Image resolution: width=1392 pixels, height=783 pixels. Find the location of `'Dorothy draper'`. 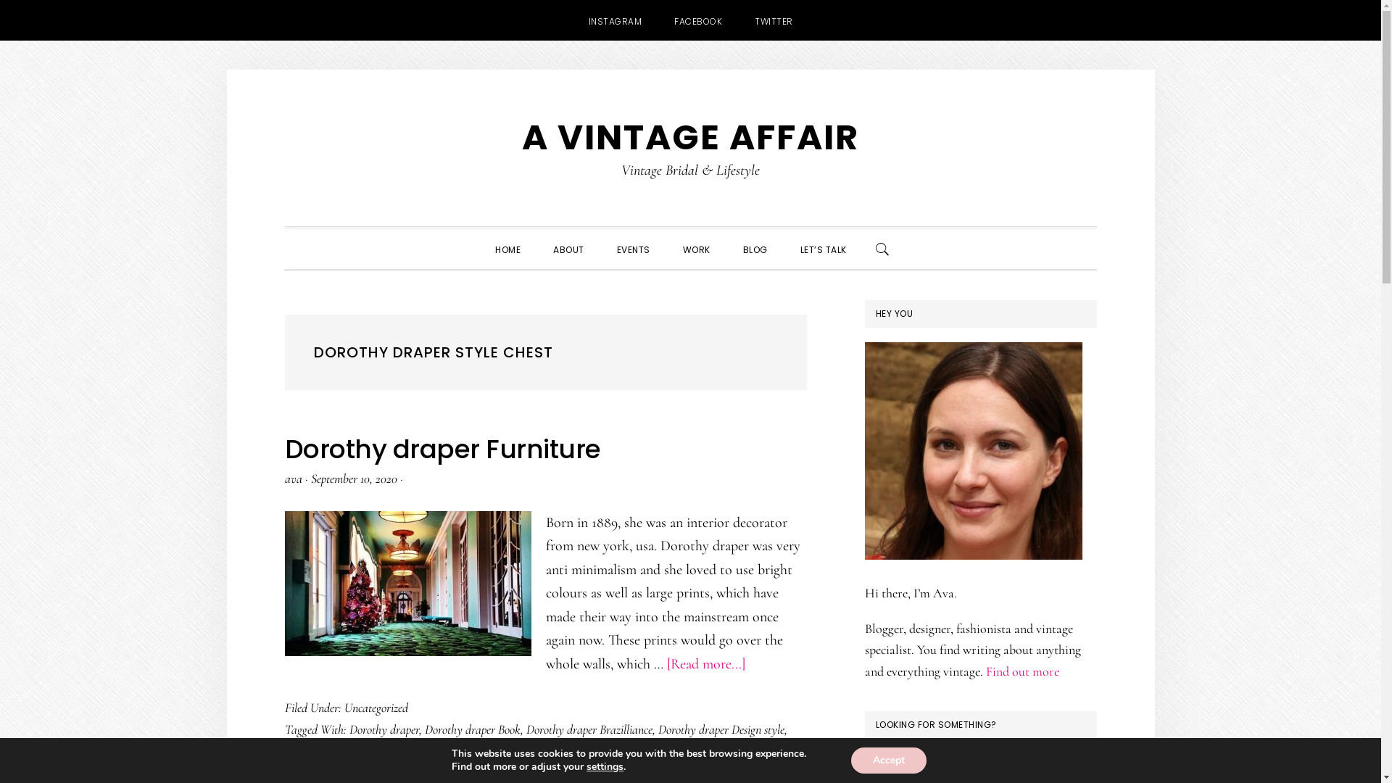

'Dorothy draper' is located at coordinates (349, 729).